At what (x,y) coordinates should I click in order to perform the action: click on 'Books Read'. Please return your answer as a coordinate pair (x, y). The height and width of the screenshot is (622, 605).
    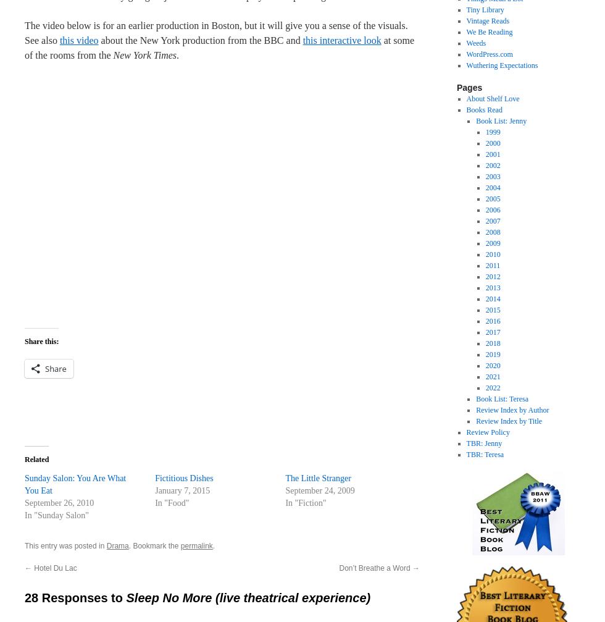
    Looking at the image, I should click on (484, 110).